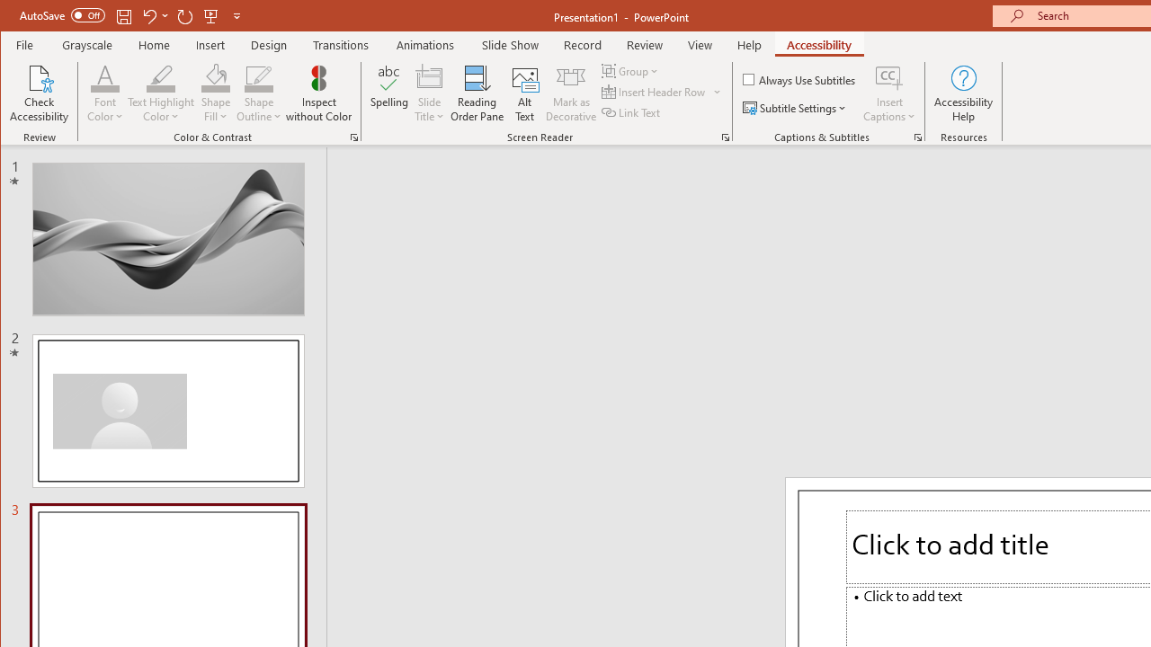 The image size is (1151, 647). I want to click on 'Screen Reader', so click(726, 137).